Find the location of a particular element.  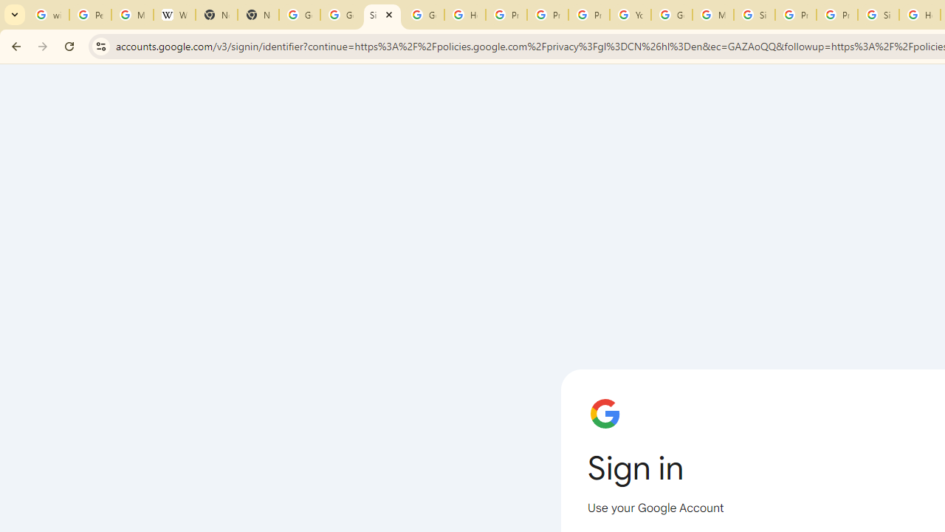

'New Tab' is located at coordinates (216, 15).